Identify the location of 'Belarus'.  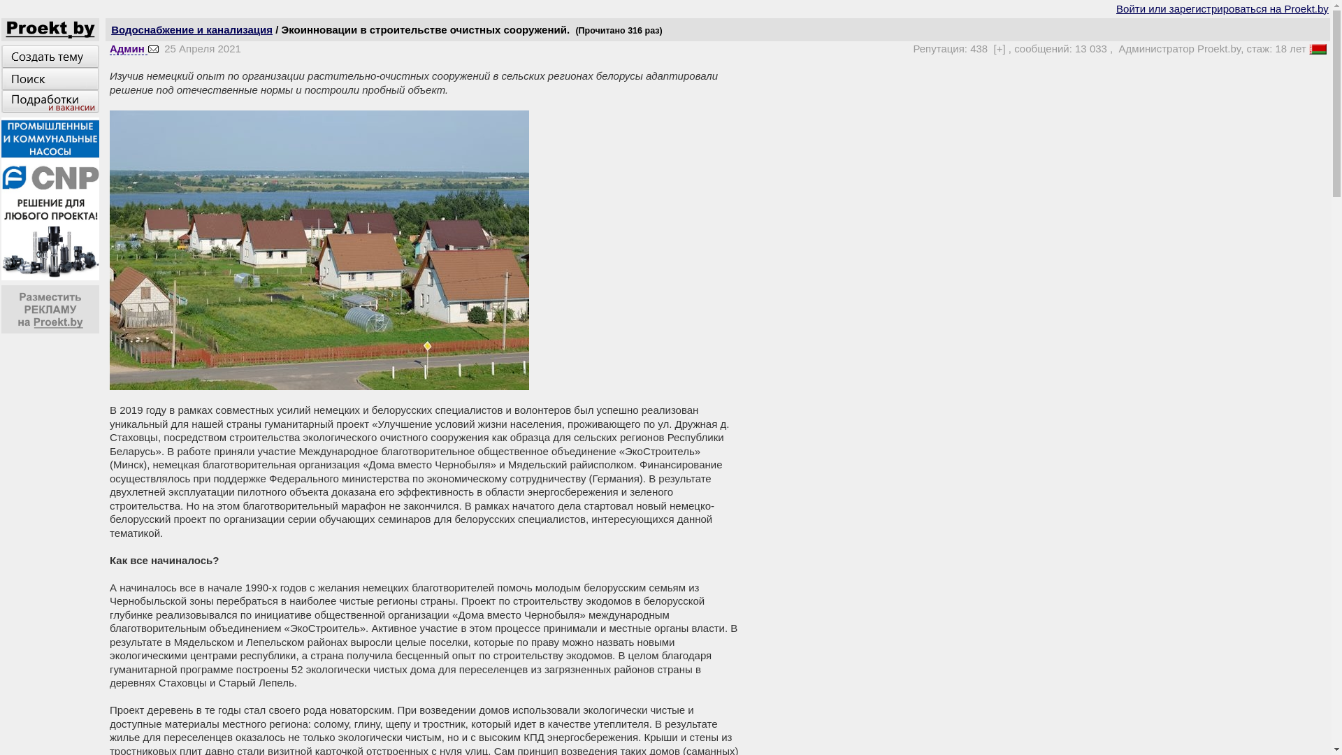
(1317, 48).